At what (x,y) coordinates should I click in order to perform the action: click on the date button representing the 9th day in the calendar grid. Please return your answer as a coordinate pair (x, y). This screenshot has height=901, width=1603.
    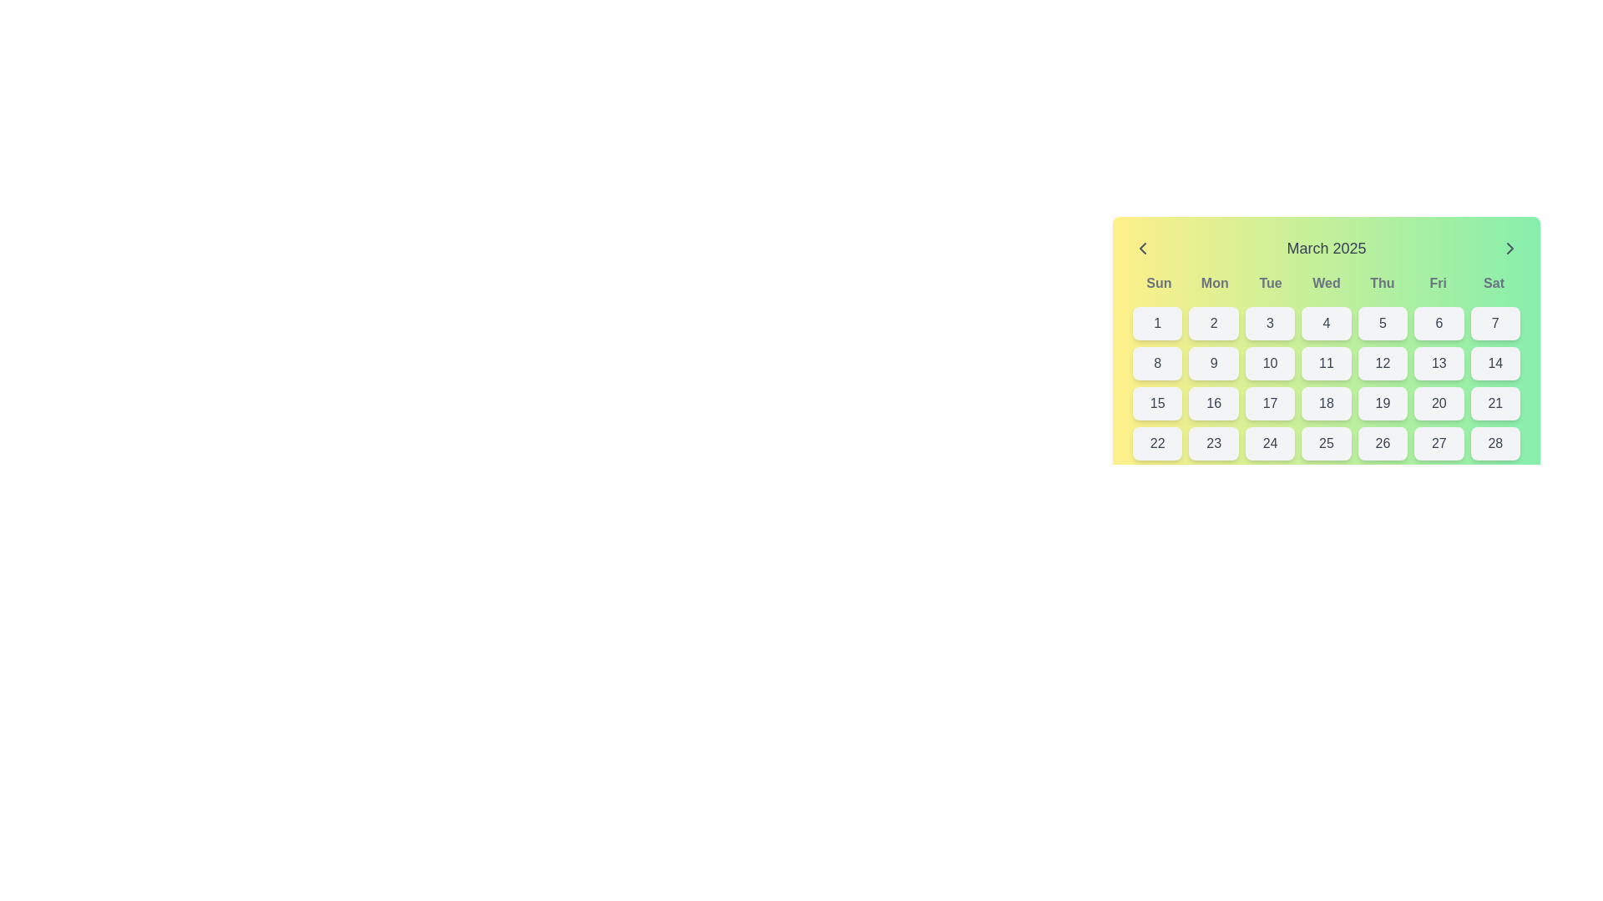
    Looking at the image, I should click on (1214, 362).